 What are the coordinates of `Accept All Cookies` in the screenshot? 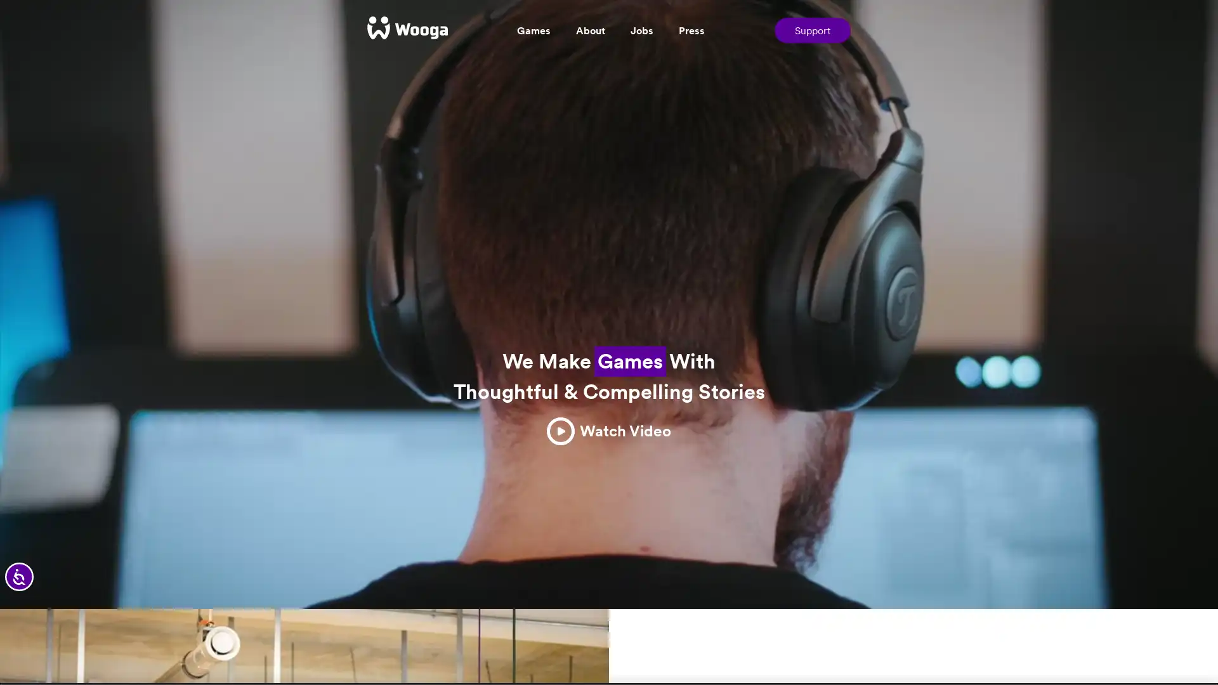 It's located at (1026, 651).